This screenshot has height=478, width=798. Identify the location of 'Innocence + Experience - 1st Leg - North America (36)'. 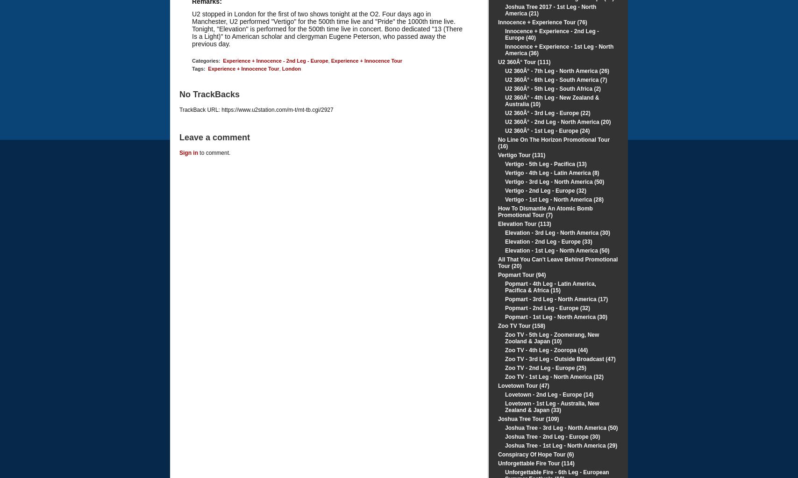
(559, 50).